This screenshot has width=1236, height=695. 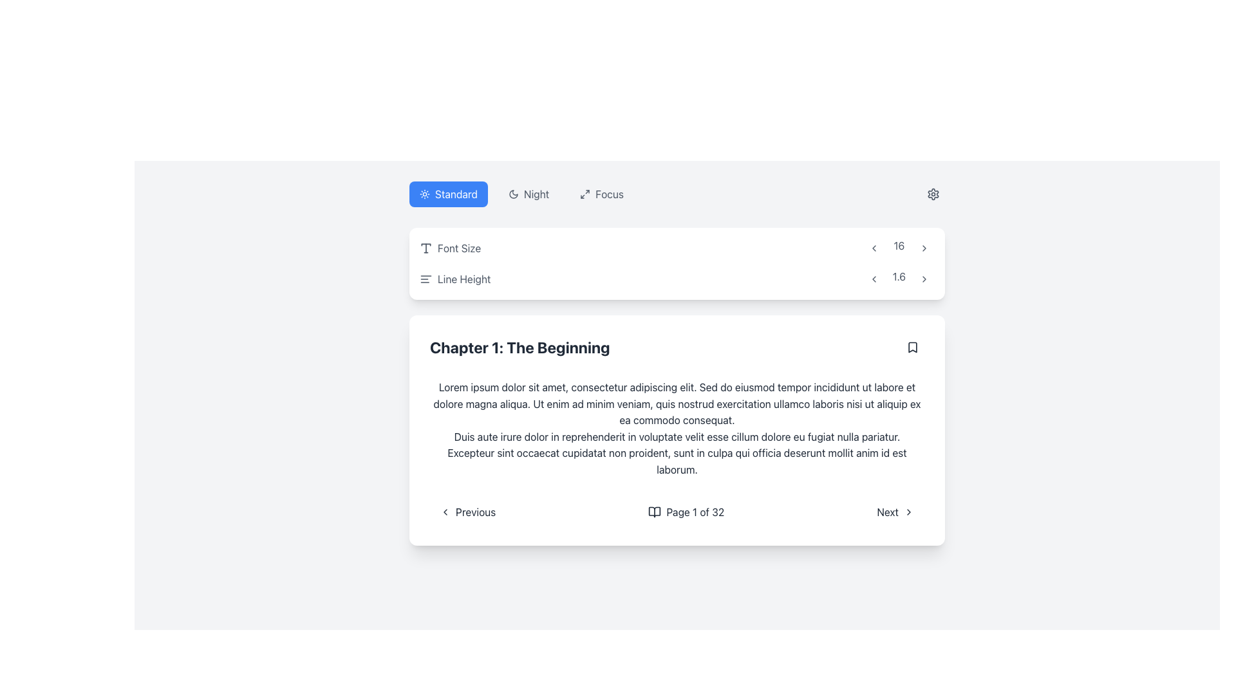 I want to click on the bookmark button located in the upper-right corner of the text box containing the chapter title 'Chapter 1: The Beginning', so click(x=912, y=347).